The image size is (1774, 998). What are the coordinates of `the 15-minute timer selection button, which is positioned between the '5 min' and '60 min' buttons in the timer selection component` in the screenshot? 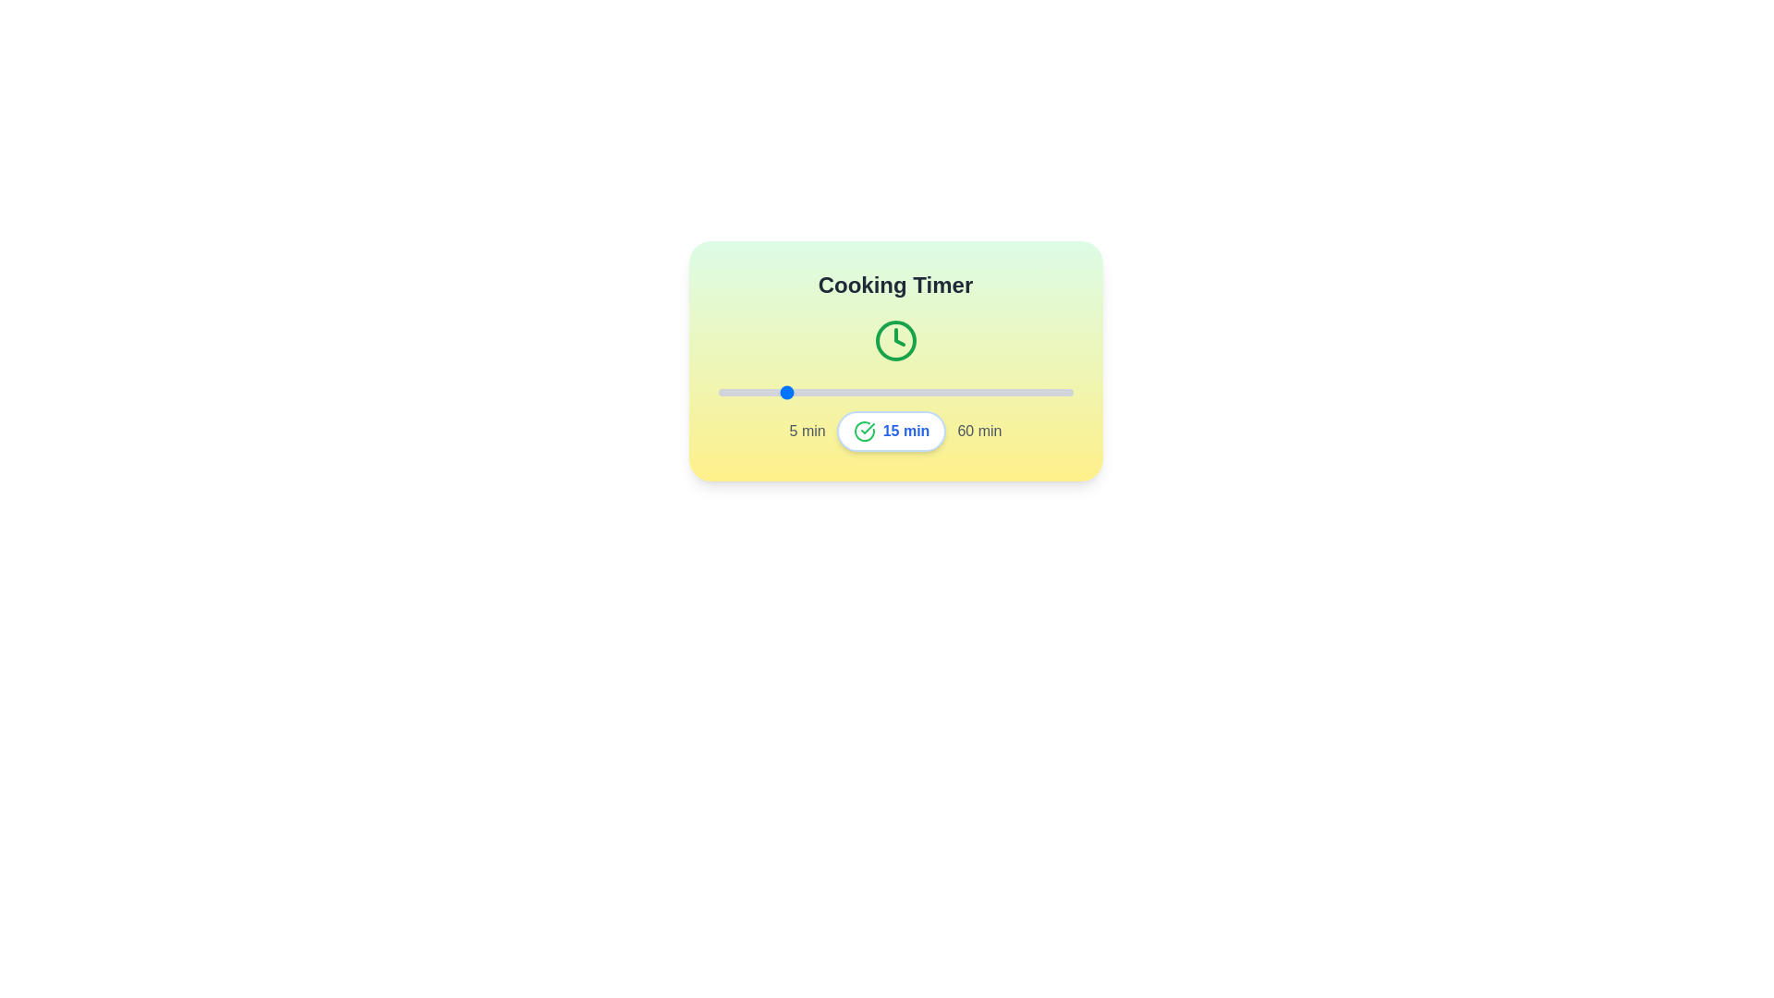 It's located at (891, 431).